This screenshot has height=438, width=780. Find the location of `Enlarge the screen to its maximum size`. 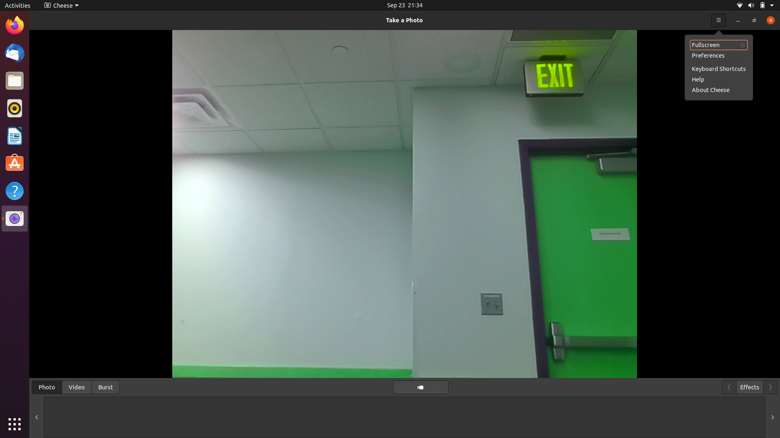

Enlarge the screen to its maximum size is located at coordinates (754, 20).